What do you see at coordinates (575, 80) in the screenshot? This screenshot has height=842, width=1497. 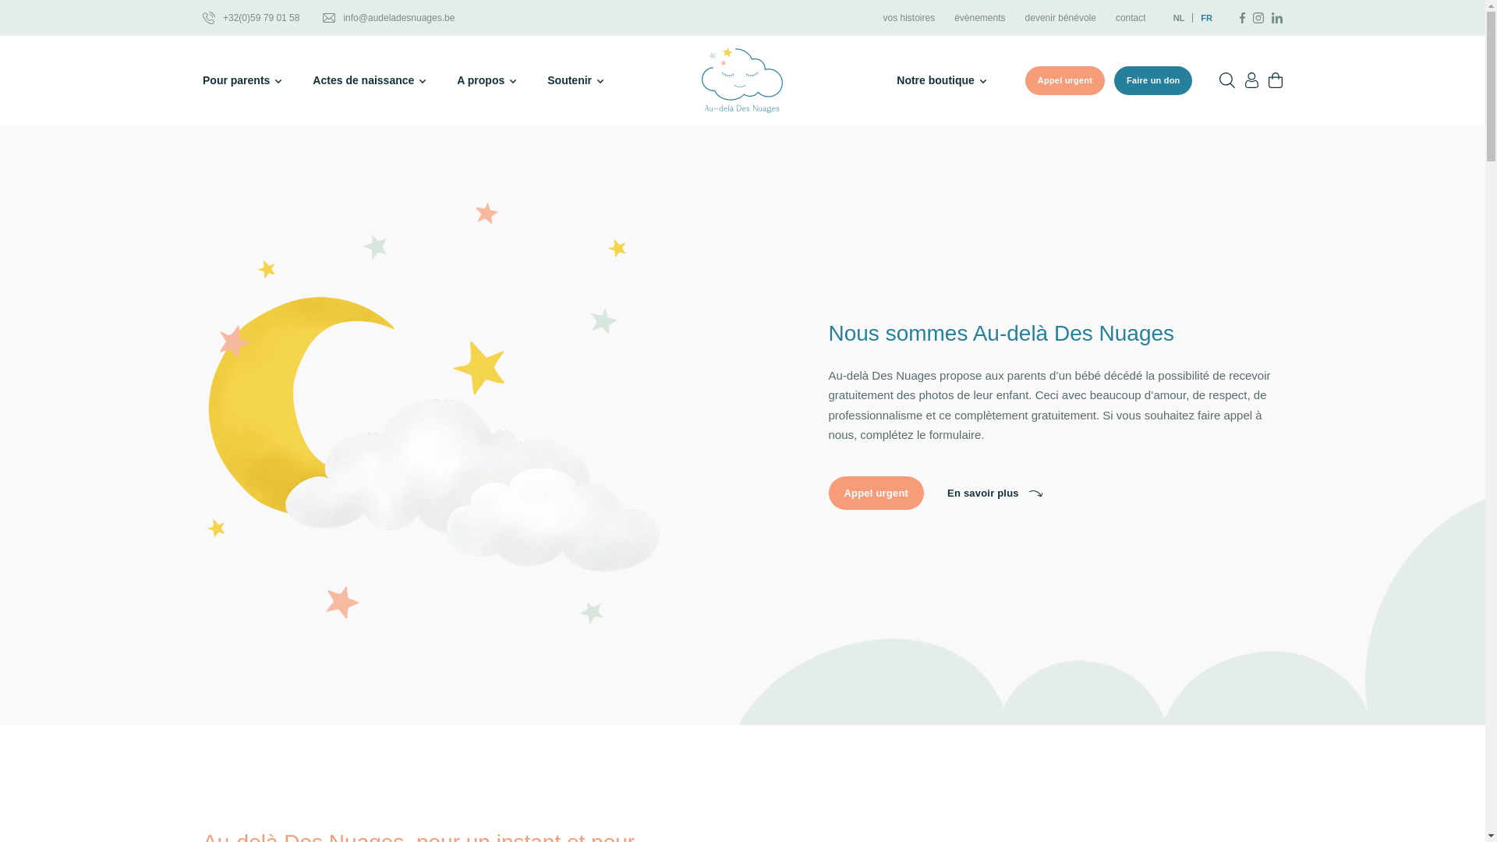 I see `'Soutenir'` at bounding box center [575, 80].